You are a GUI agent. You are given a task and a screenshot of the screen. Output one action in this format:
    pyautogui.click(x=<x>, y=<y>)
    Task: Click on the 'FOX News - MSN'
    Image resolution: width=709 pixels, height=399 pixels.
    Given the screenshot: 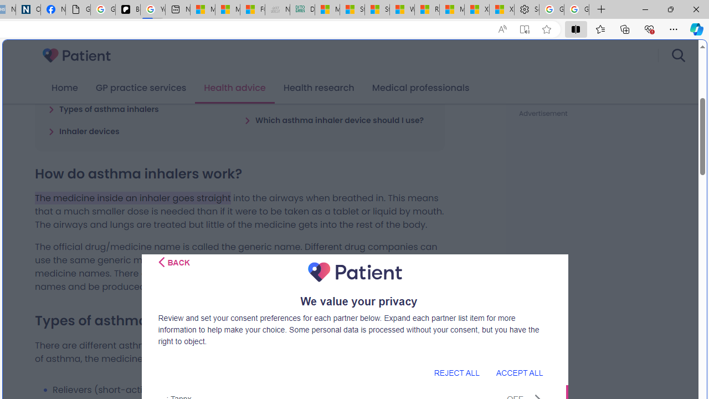 What is the action you would take?
    pyautogui.click(x=251, y=9)
    